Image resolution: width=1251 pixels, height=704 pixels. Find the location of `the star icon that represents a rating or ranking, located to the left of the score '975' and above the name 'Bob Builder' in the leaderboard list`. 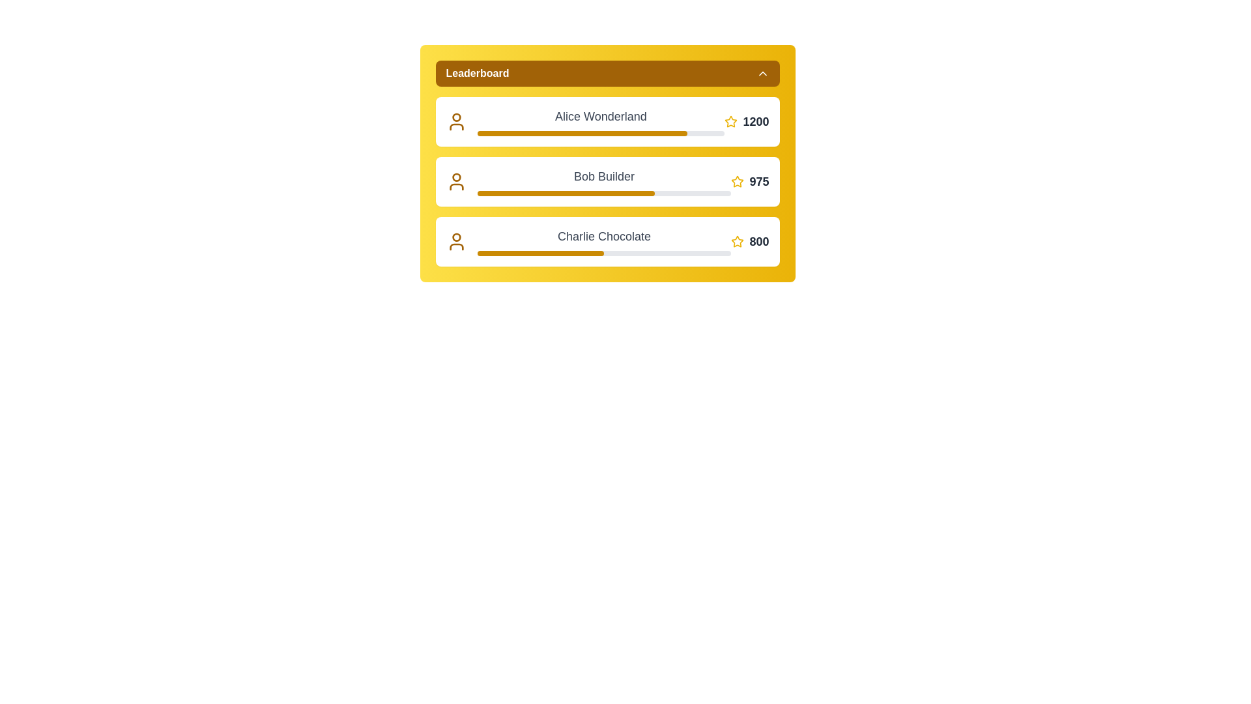

the star icon that represents a rating or ranking, located to the left of the score '975' and above the name 'Bob Builder' in the leaderboard list is located at coordinates (738, 181).